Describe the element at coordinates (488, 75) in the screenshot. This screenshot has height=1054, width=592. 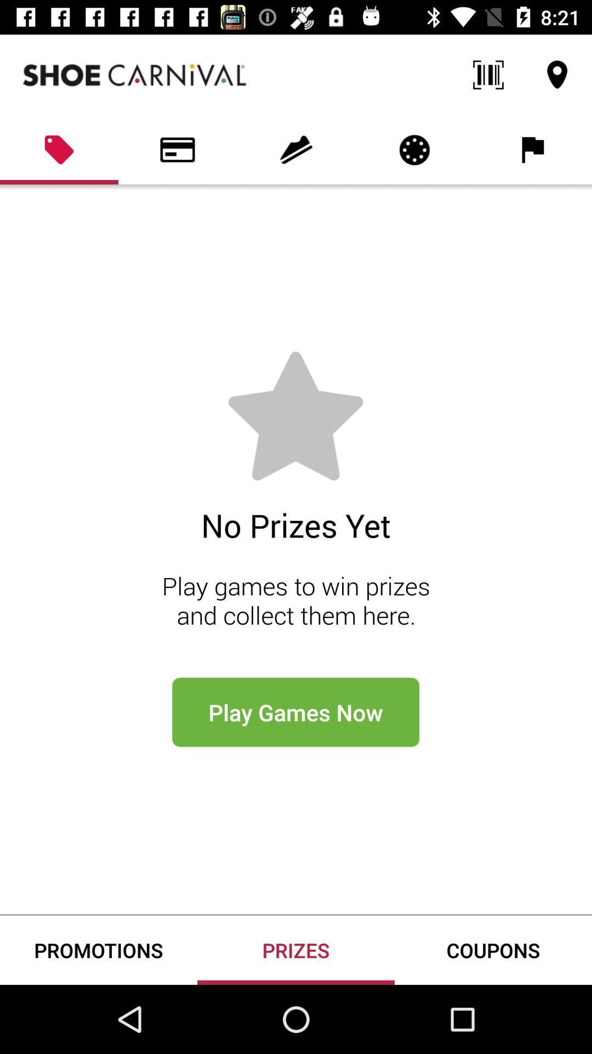
I see `the barcode icon which is on the top next to carnival` at that location.